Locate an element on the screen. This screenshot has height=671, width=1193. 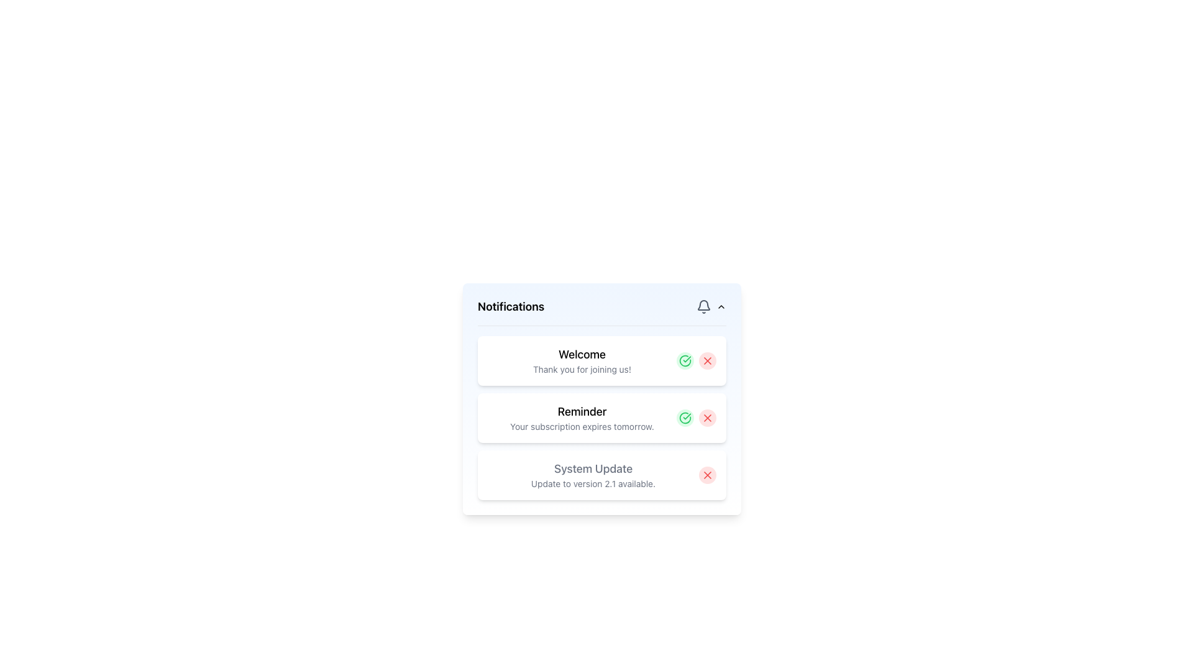
the Icon Button located immediately to the right of the green checkmark icon in the uppermost notification card titled 'Welcome' is located at coordinates (707, 361).